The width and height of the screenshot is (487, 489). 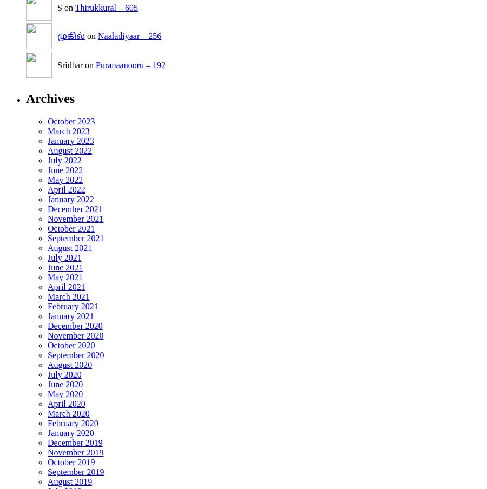 I want to click on 'October 2021', so click(x=71, y=228).